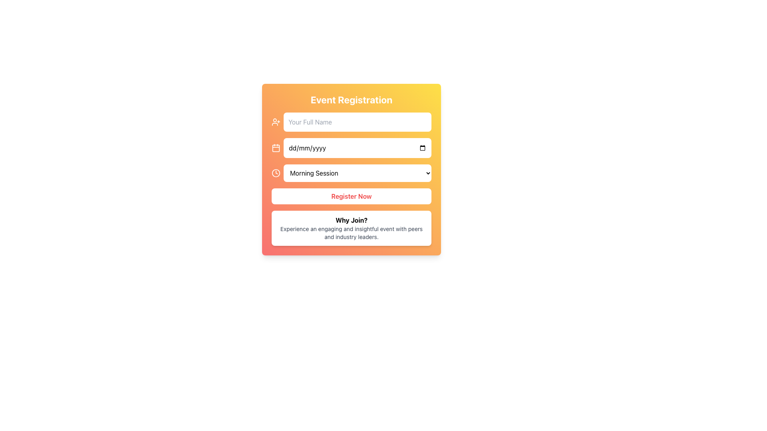 This screenshot has height=431, width=767. I want to click on the dropdown menu displaying 'Morning Session', so click(351, 173).